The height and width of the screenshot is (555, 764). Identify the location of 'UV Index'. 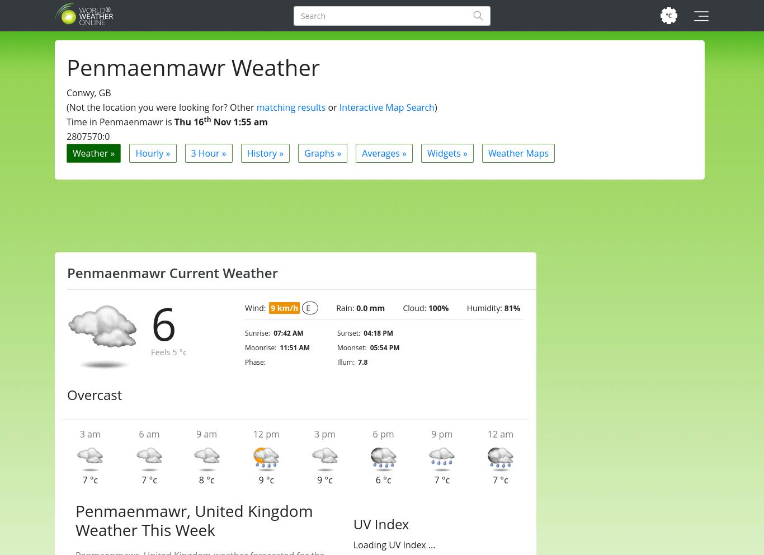
(380, 523).